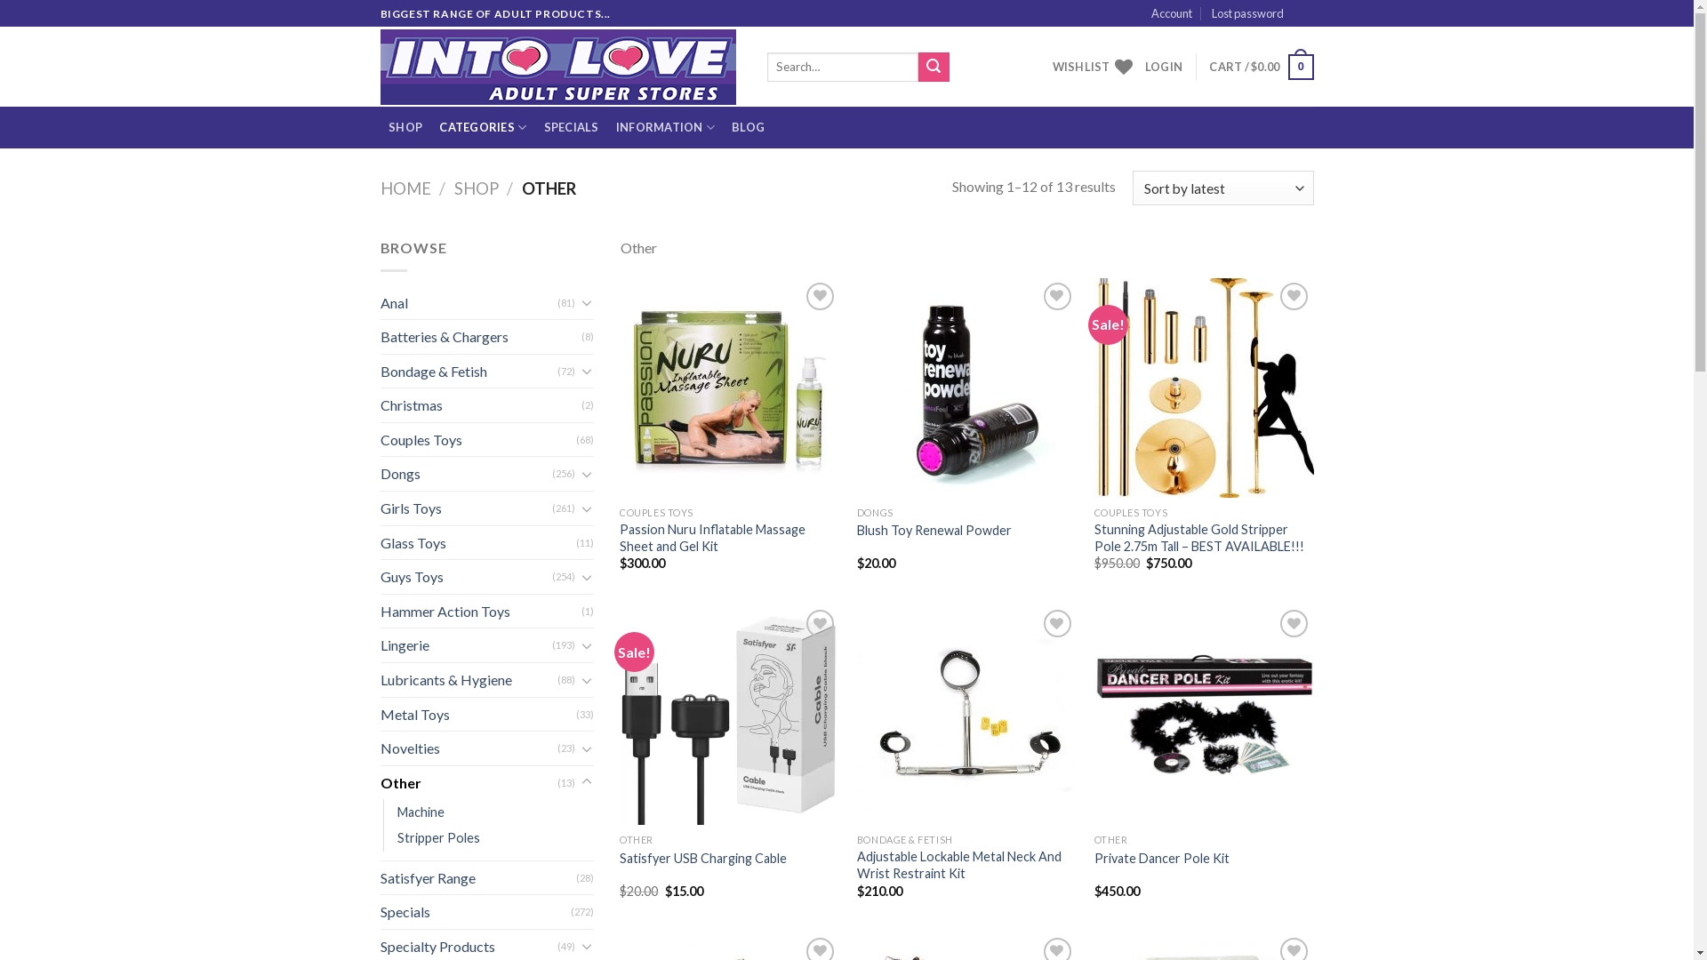  I want to click on 'SPECIALS', so click(533, 126).